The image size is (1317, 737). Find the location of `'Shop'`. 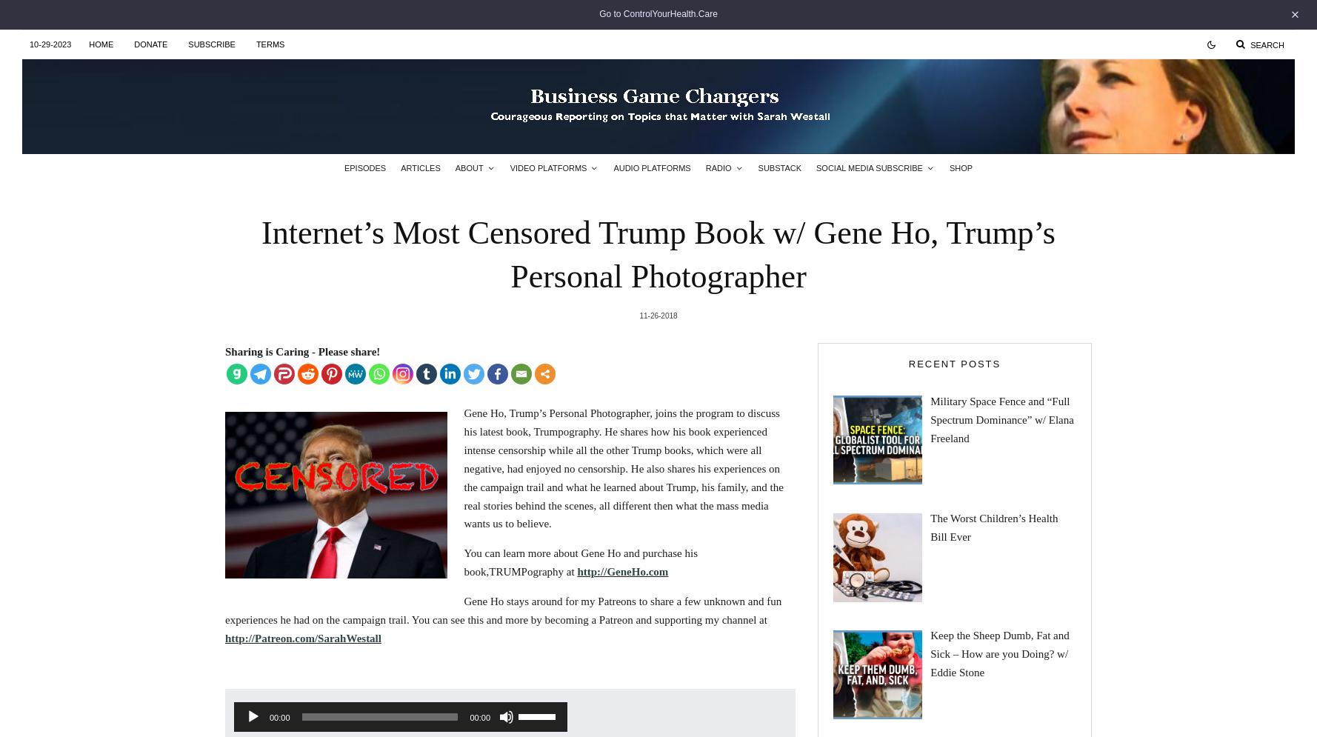

'Shop' is located at coordinates (961, 167).